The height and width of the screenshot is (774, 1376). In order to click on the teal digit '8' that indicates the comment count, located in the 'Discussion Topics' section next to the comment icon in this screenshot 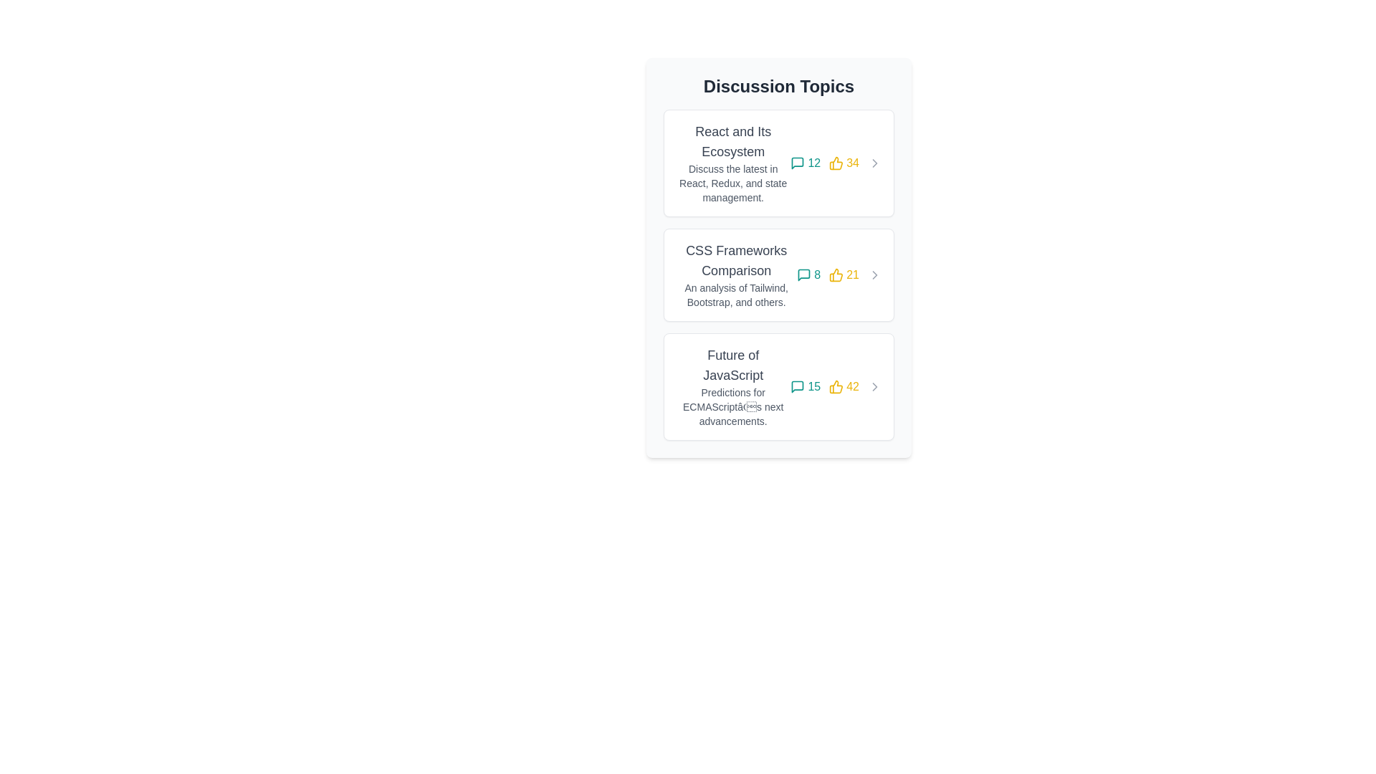, I will do `click(817, 275)`.